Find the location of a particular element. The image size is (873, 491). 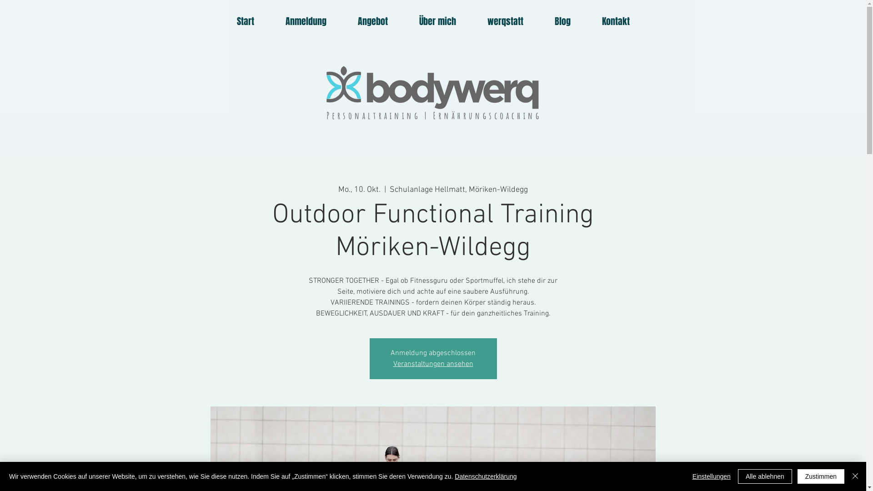

'Angebot' is located at coordinates (372, 20).